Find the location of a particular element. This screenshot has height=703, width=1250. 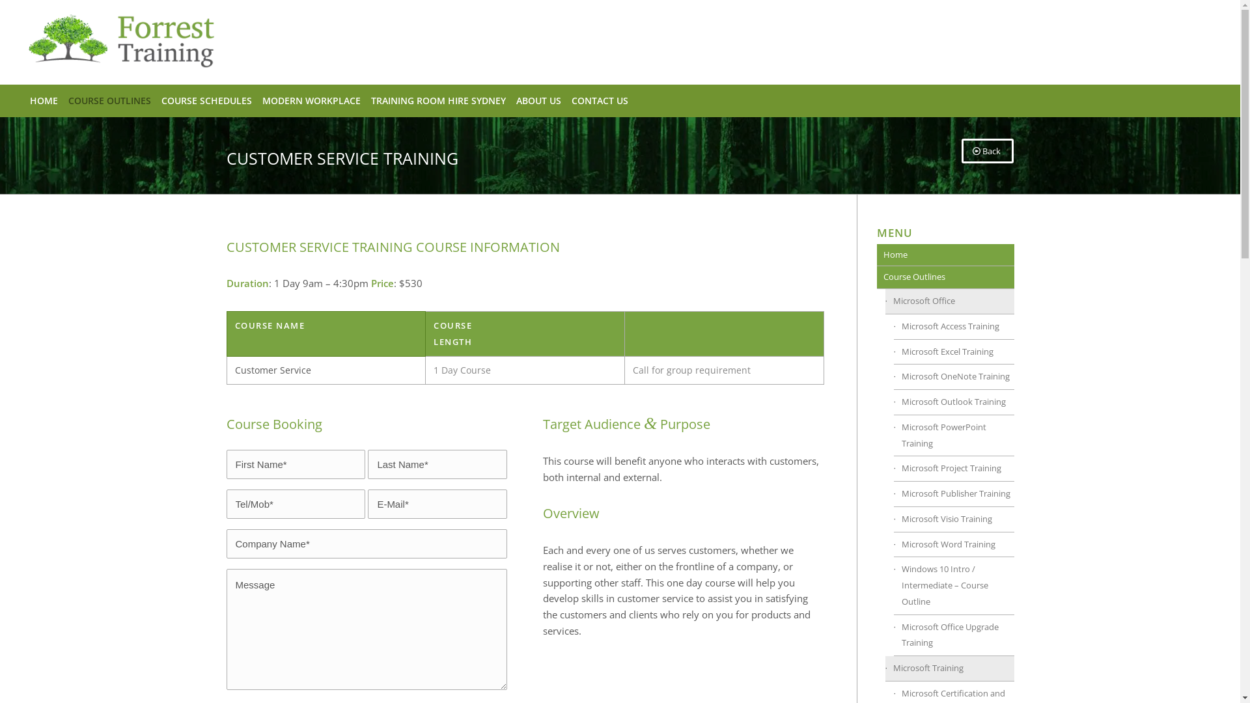

'Microsoft Training' is located at coordinates (950, 669).